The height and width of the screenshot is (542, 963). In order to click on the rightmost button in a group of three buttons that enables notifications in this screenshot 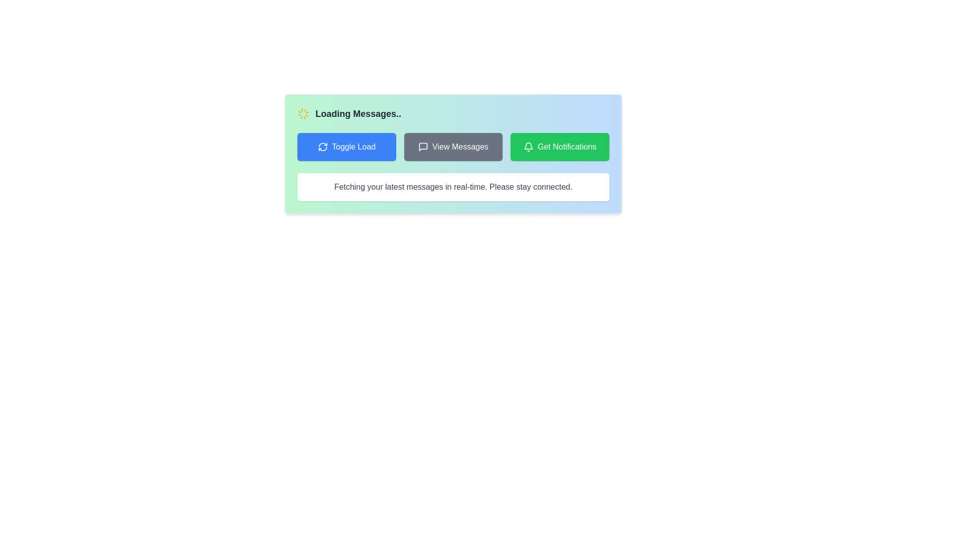, I will do `click(559, 147)`.